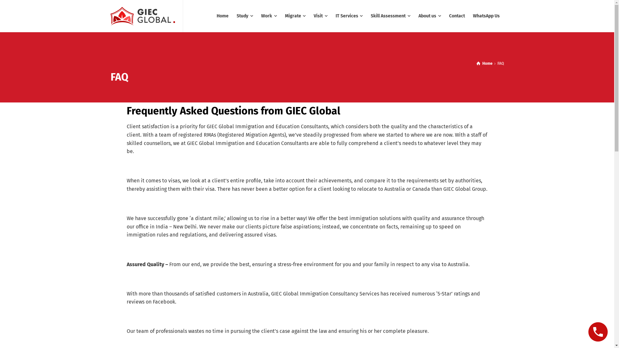 Image resolution: width=619 pixels, height=348 pixels. I want to click on 'Migrate', so click(281, 16).